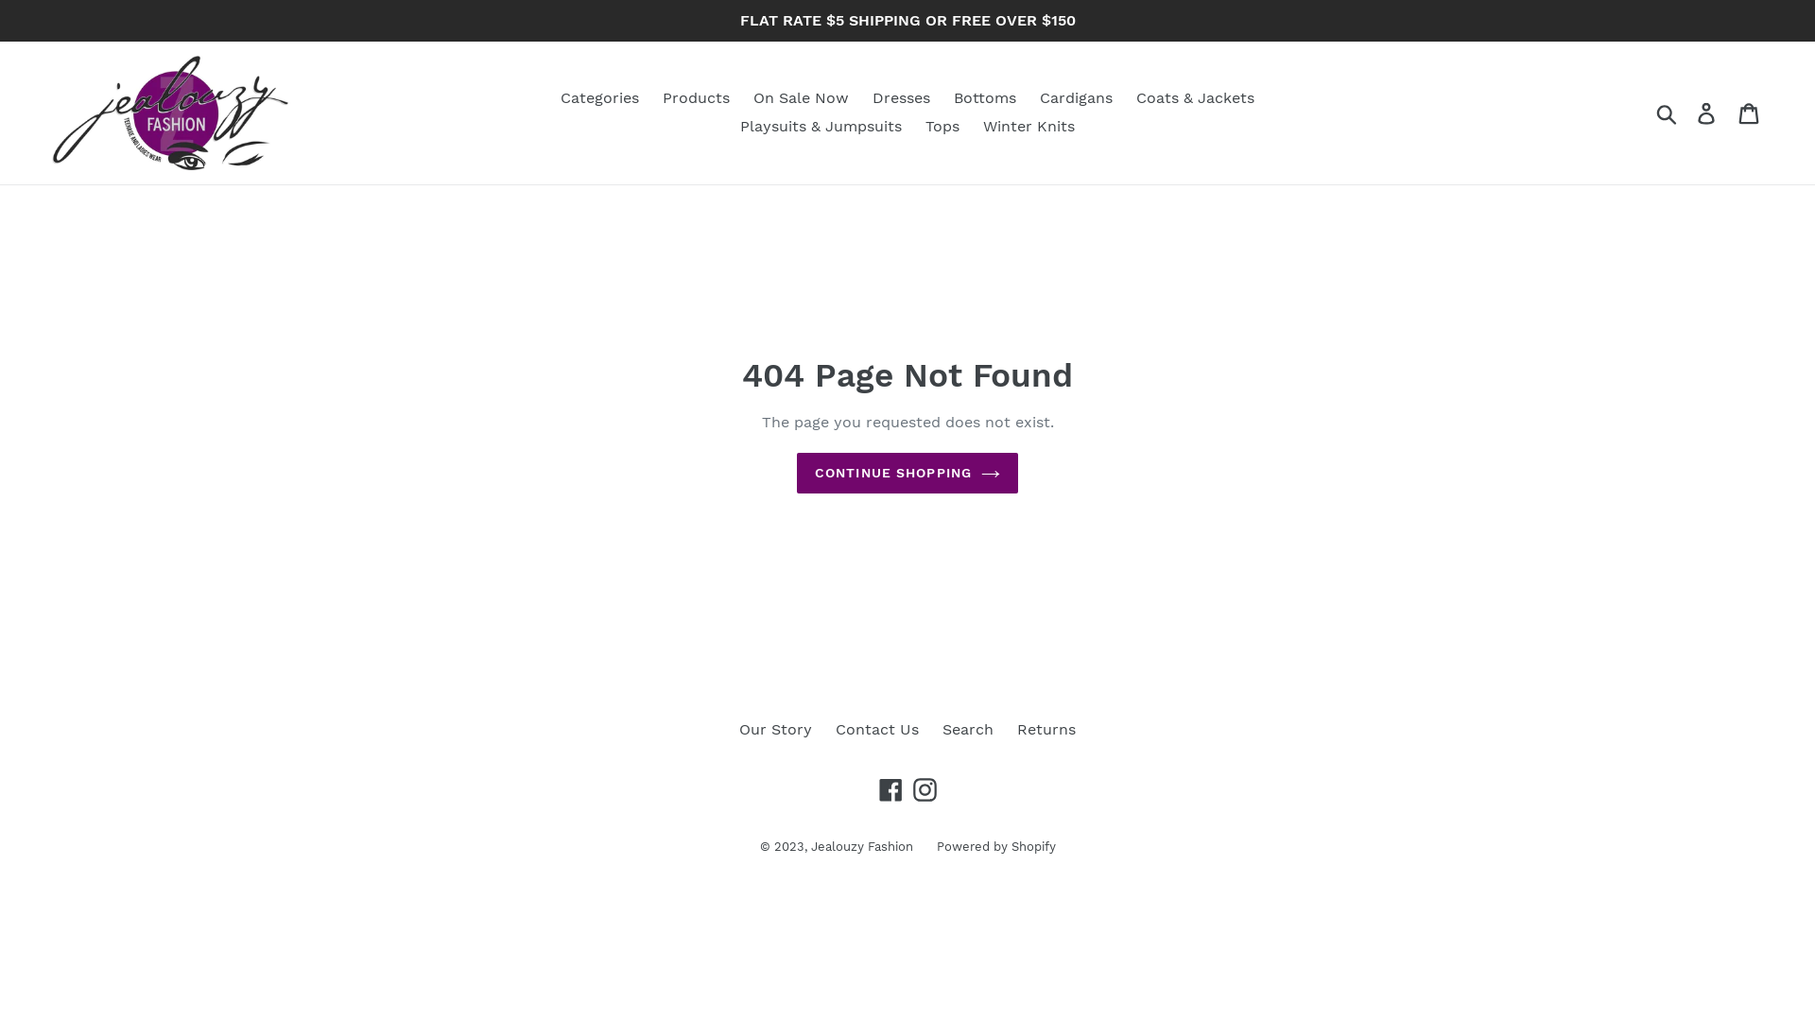  What do you see at coordinates (889, 788) in the screenshot?
I see `'Facebook'` at bounding box center [889, 788].